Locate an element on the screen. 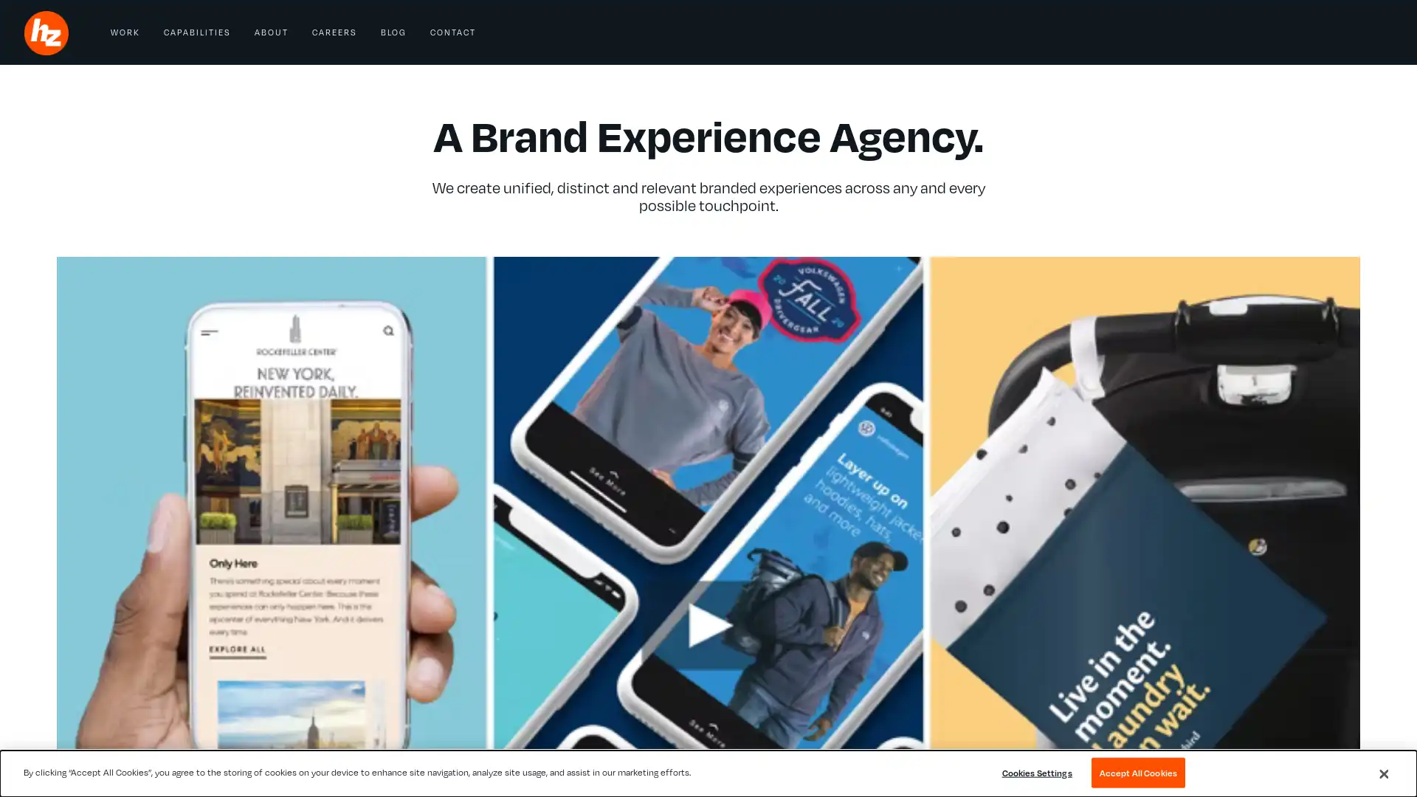 This screenshot has height=797, width=1417. Accept All Cookies is located at coordinates (1137, 771).